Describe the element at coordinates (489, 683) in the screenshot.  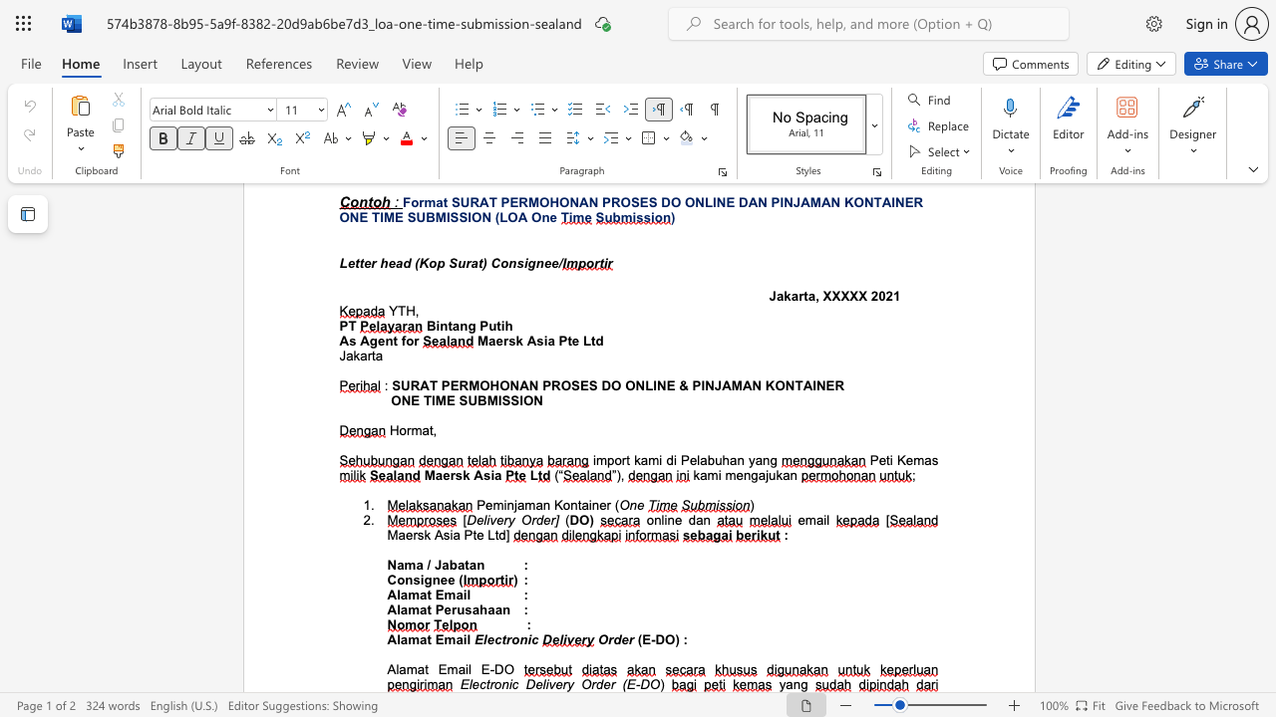
I see `the subset text "ronic Delivery Order (E-" within the text "Electronic Delivery Order (E-DO"` at that location.